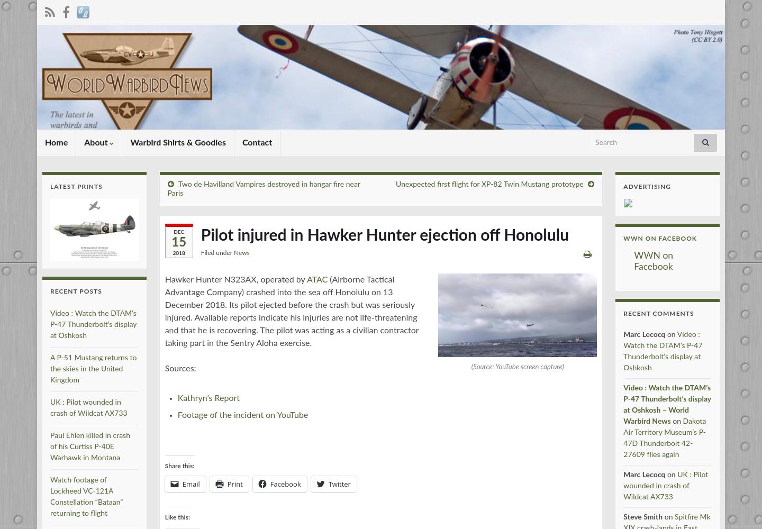  I want to click on 'Dec', so click(178, 232).